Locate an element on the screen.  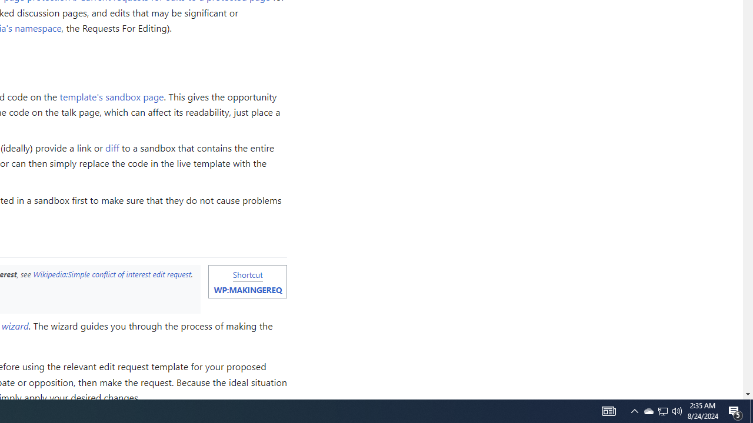
'Shortcut' is located at coordinates (247, 274).